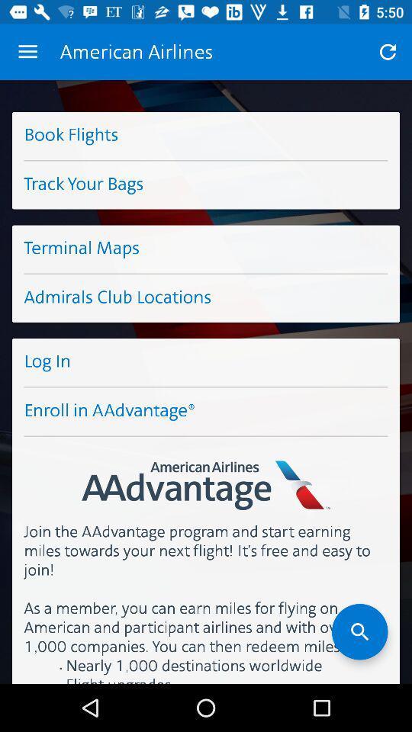 Image resolution: width=412 pixels, height=732 pixels. What do you see at coordinates (206, 184) in the screenshot?
I see `the track your bags item` at bounding box center [206, 184].